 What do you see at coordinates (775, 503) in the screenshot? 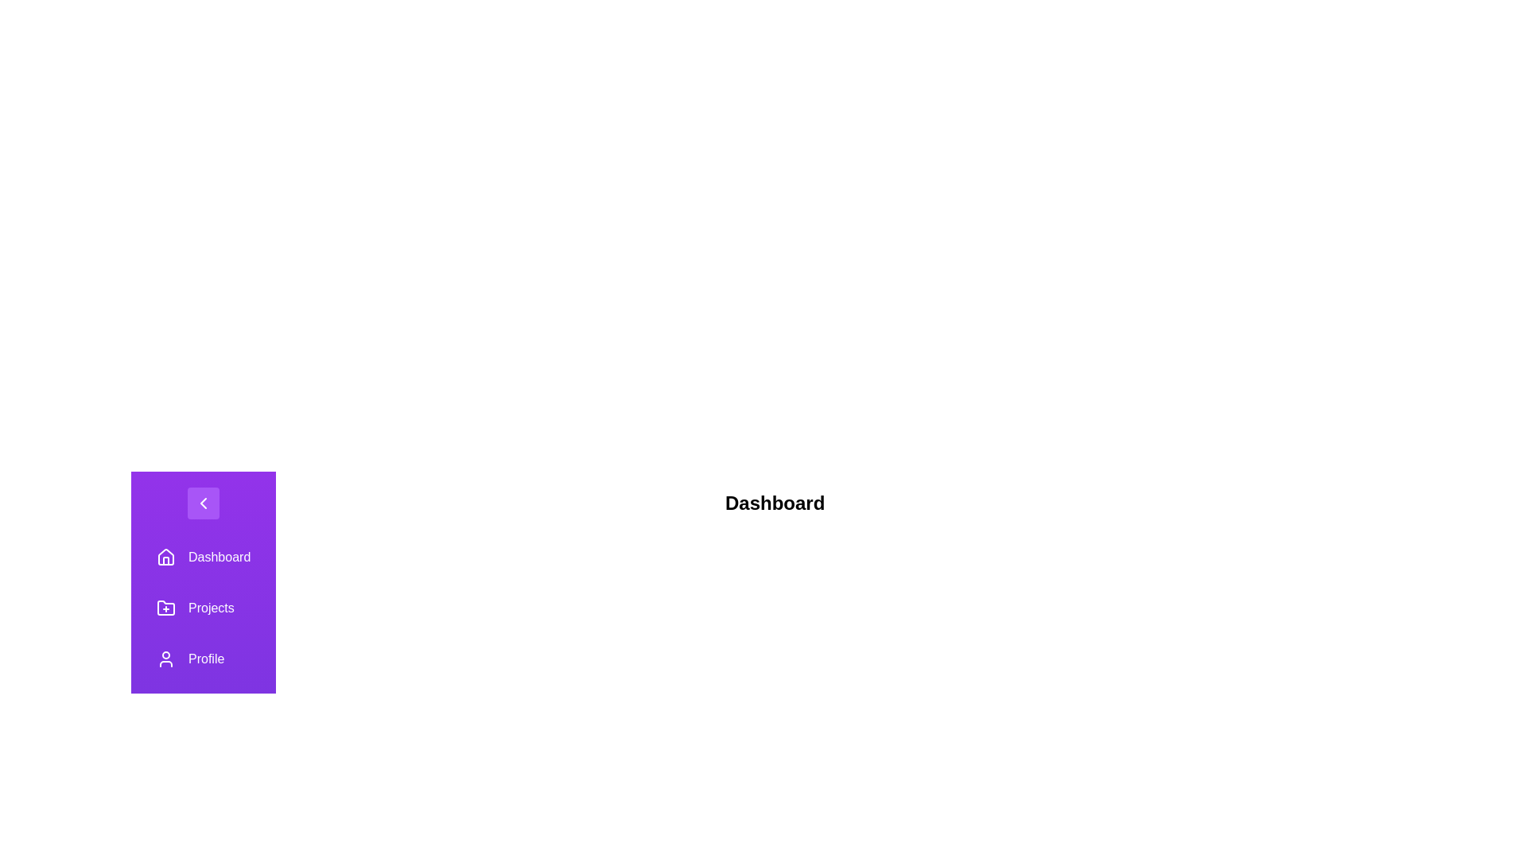
I see `the 'Dashboard' title text label` at bounding box center [775, 503].